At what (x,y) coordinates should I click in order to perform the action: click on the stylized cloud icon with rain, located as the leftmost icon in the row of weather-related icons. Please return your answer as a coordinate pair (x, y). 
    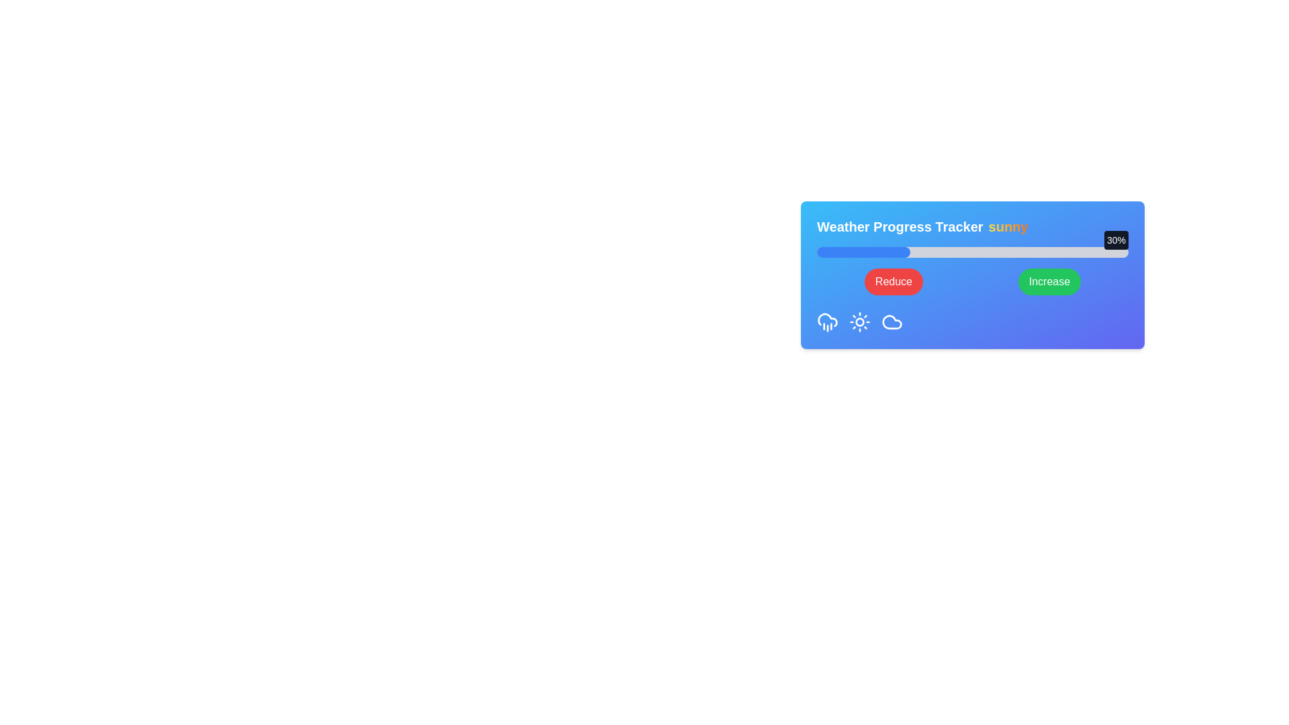
    Looking at the image, I should click on (827, 322).